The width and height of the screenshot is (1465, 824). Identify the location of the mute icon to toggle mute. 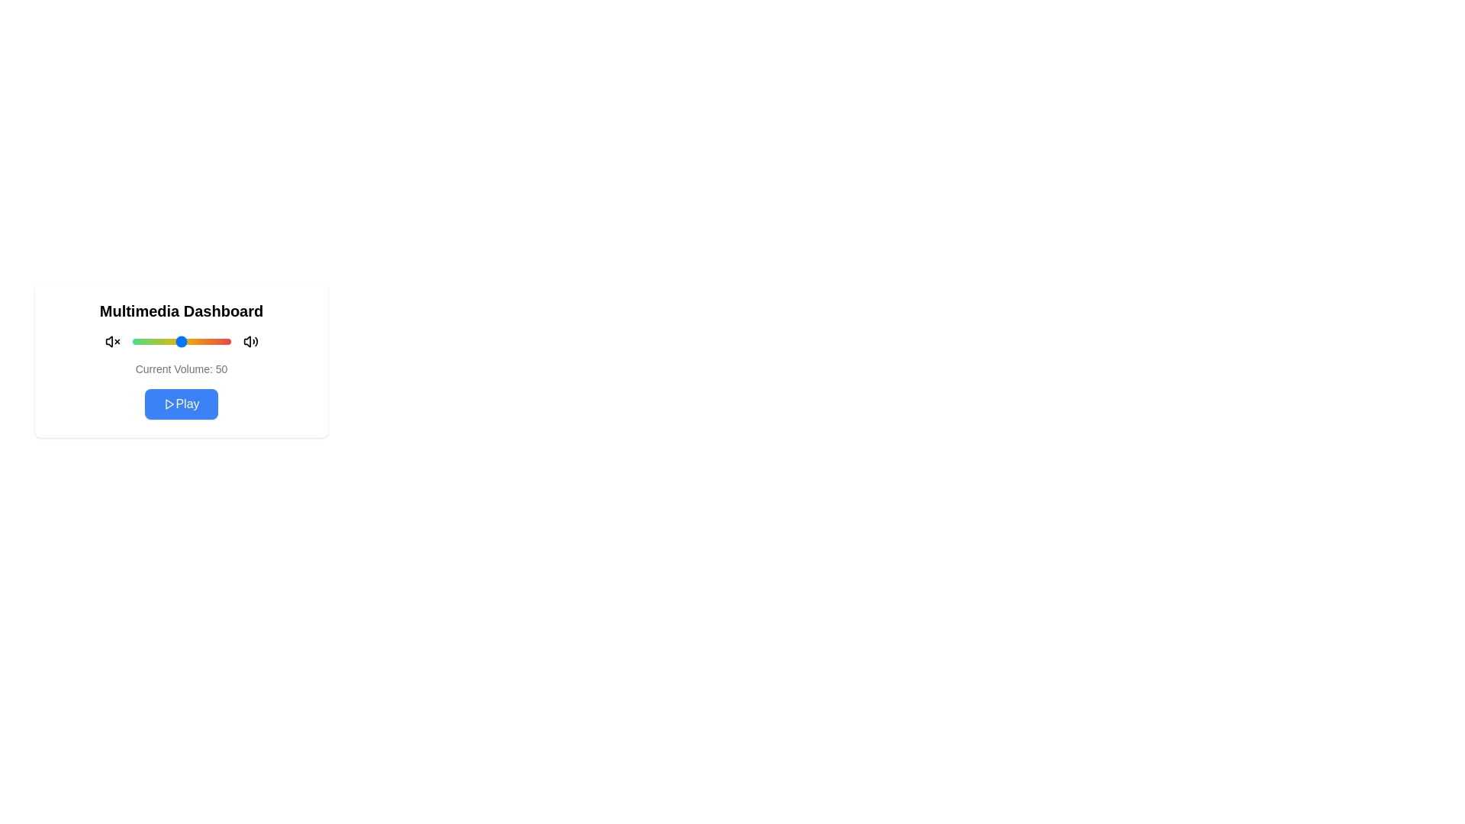
(111, 340).